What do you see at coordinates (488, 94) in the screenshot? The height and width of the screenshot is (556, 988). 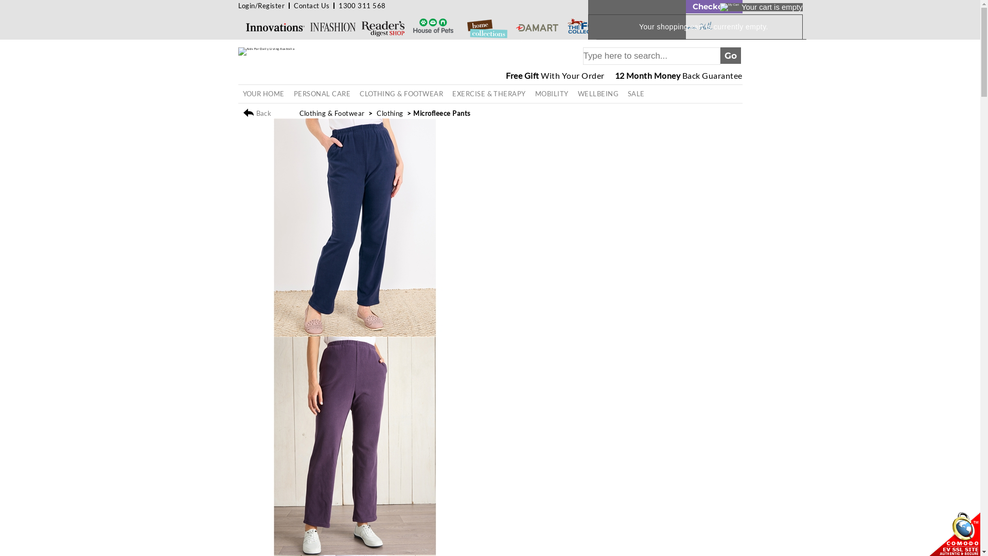 I see `'EXERCISE & THERAPY'` at bounding box center [488, 94].